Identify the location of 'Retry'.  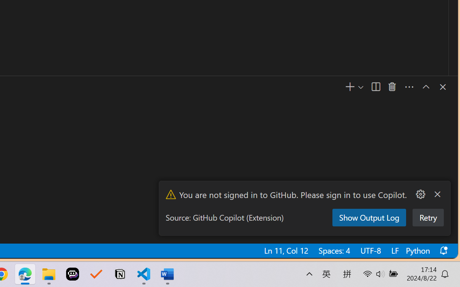
(427, 217).